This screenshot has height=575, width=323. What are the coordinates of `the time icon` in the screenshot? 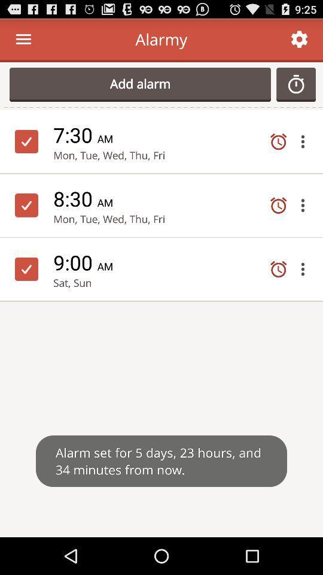 It's located at (300, 89).